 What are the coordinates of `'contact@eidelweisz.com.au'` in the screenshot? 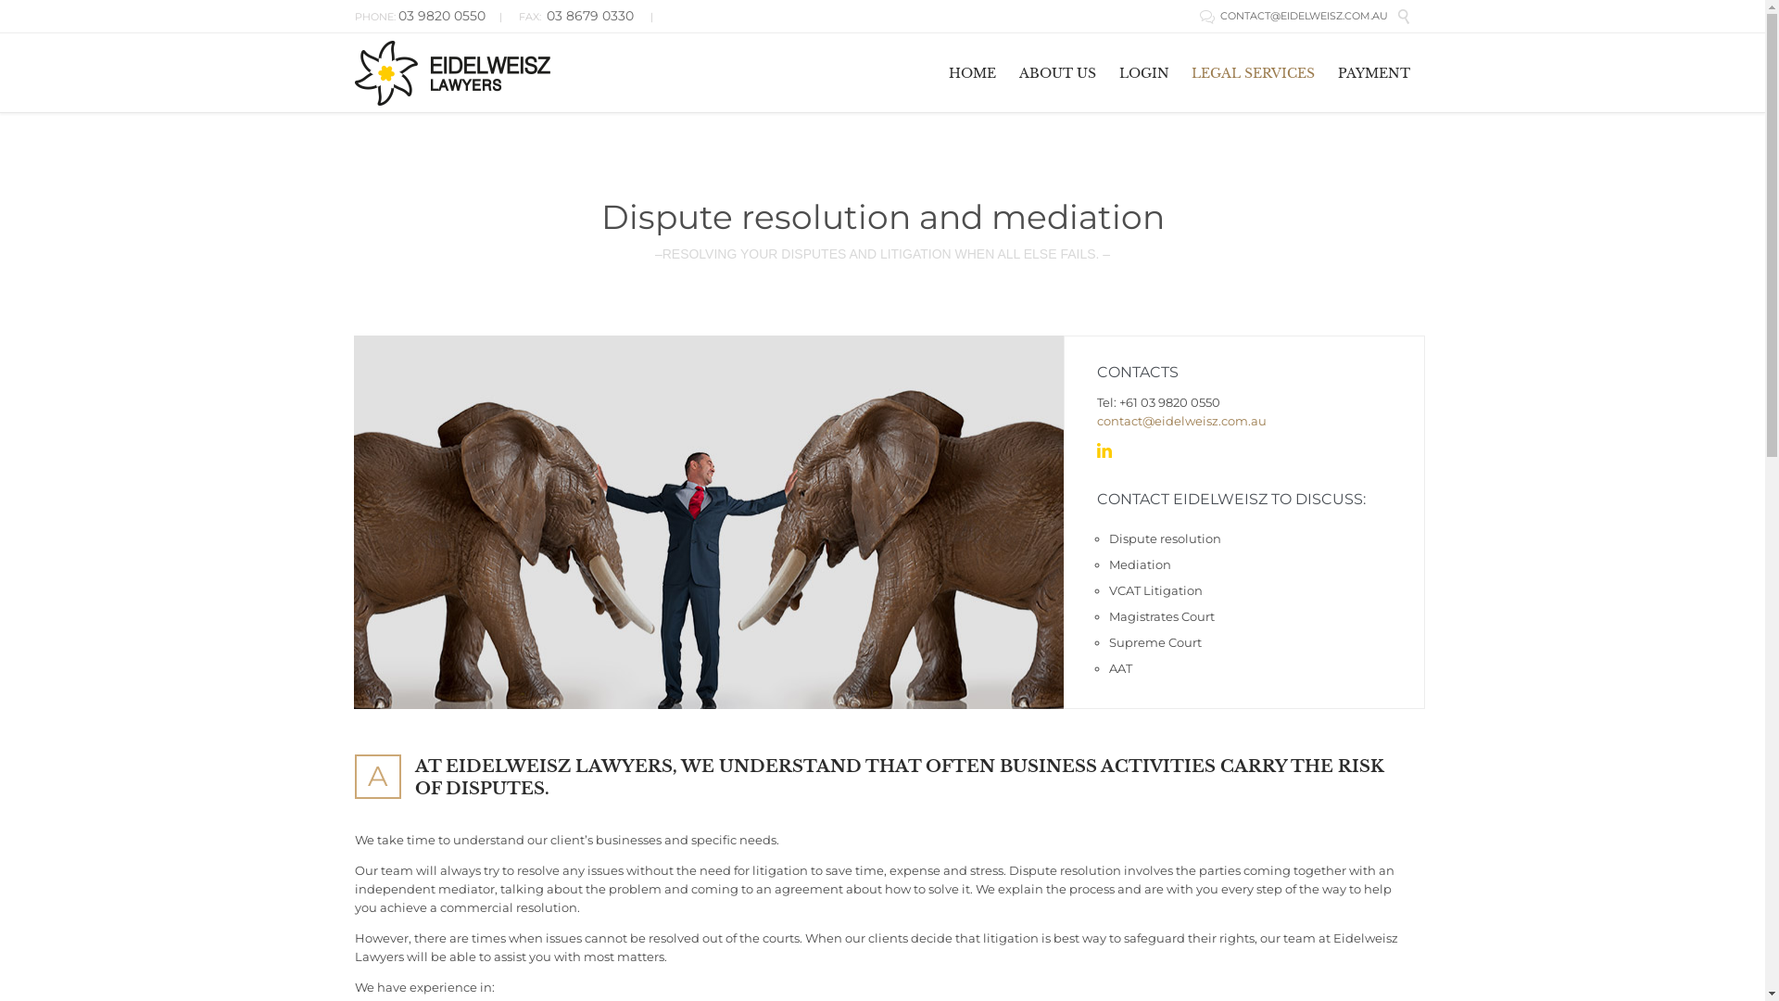 It's located at (1097, 421).